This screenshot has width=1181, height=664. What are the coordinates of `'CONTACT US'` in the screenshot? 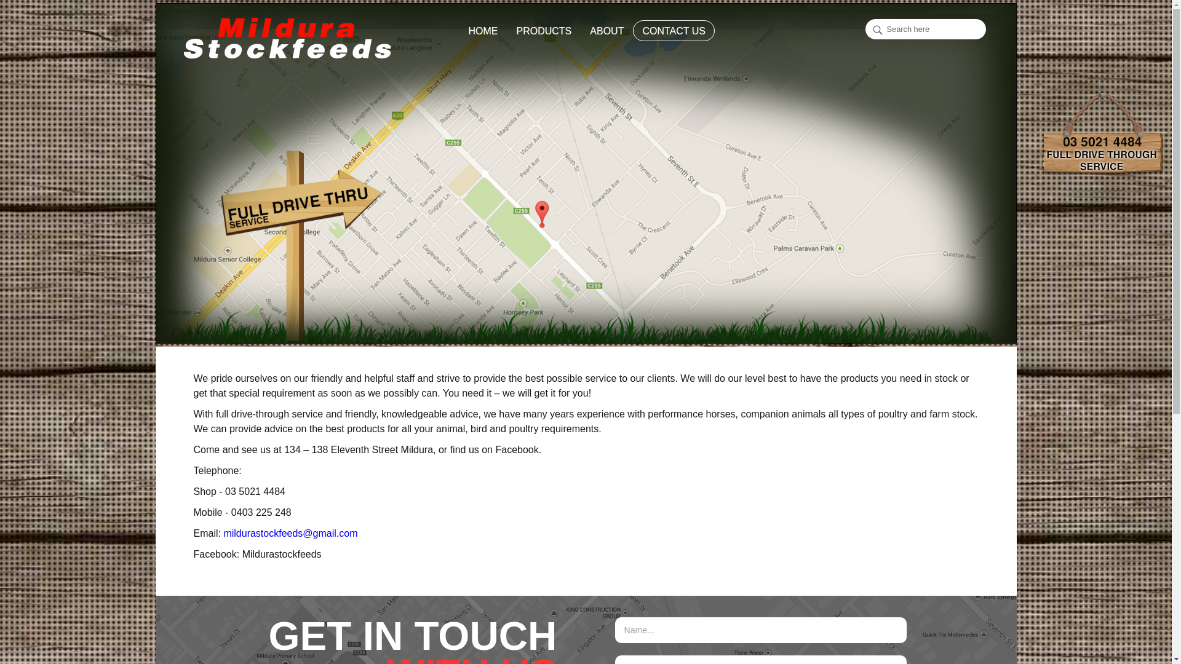 It's located at (673, 30).